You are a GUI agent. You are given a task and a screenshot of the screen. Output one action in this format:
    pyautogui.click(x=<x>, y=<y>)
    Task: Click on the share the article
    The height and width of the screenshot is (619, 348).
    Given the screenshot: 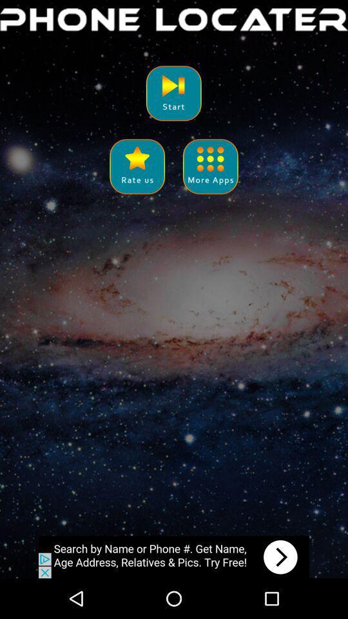 What is the action you would take?
    pyautogui.click(x=137, y=166)
    